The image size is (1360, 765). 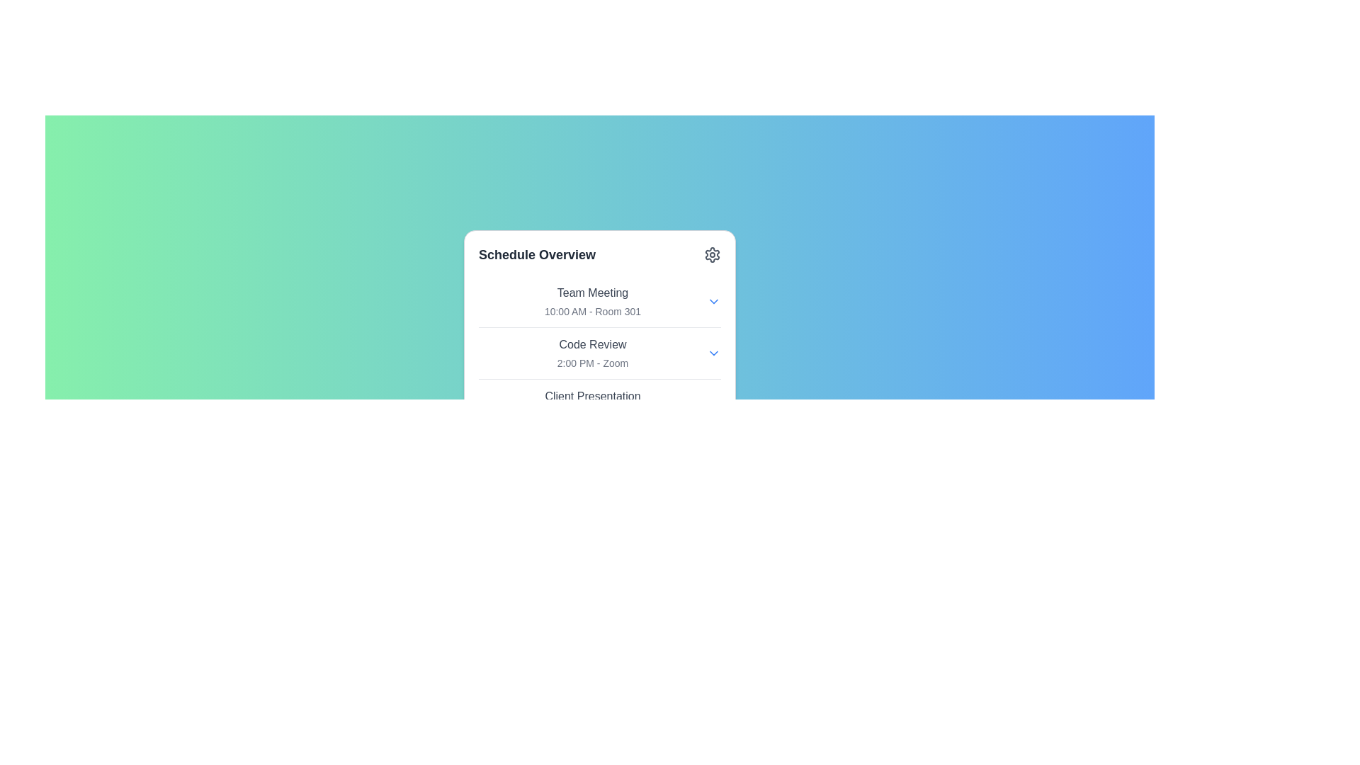 What do you see at coordinates (592, 292) in the screenshot?
I see `text label displaying 'Team Meeting' located in the 'Schedule Overview' panel, which is styled as a list item header` at bounding box center [592, 292].